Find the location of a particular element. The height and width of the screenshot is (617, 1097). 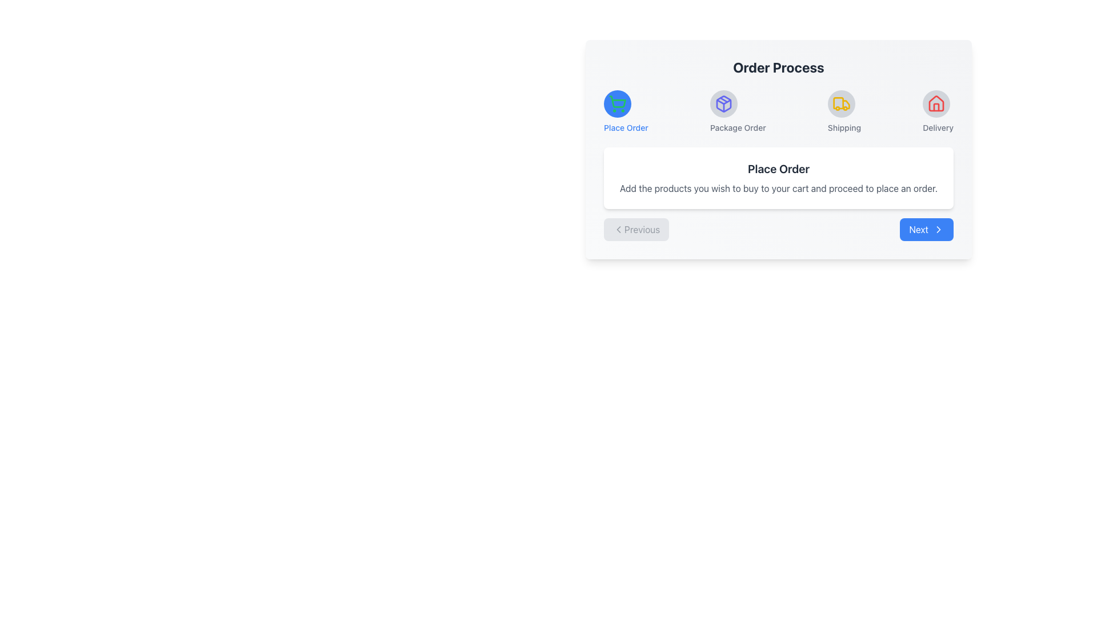

the icons in the Interactive multi-section progress tracker titled 'Order Process' is located at coordinates (778, 149).